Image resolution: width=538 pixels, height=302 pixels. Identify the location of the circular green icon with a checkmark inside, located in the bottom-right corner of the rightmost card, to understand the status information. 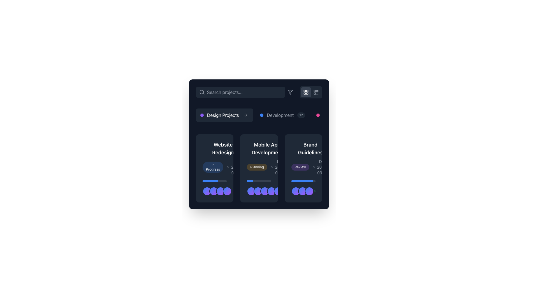
(314, 191).